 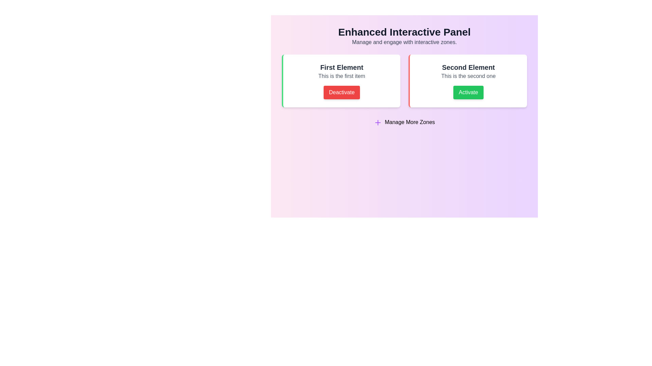 I want to click on the static text label displaying 'First Element', which is prominently placed at the top of its containing card with a dark gray color and bold font, so click(x=342, y=67).